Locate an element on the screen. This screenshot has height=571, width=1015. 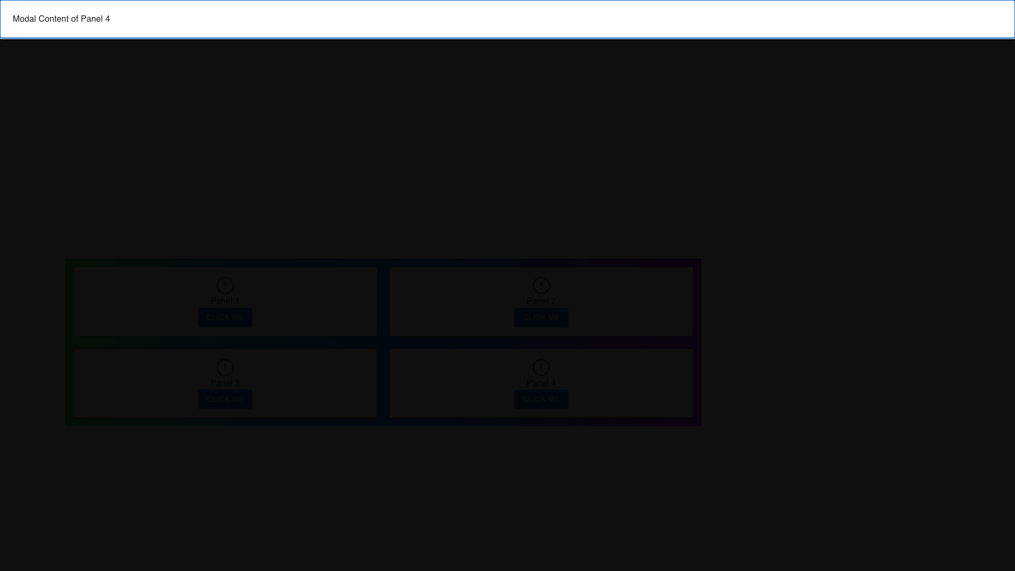
the circular SVG shape element located in 'Panel 3' to visually highlight it is located at coordinates (225, 366).